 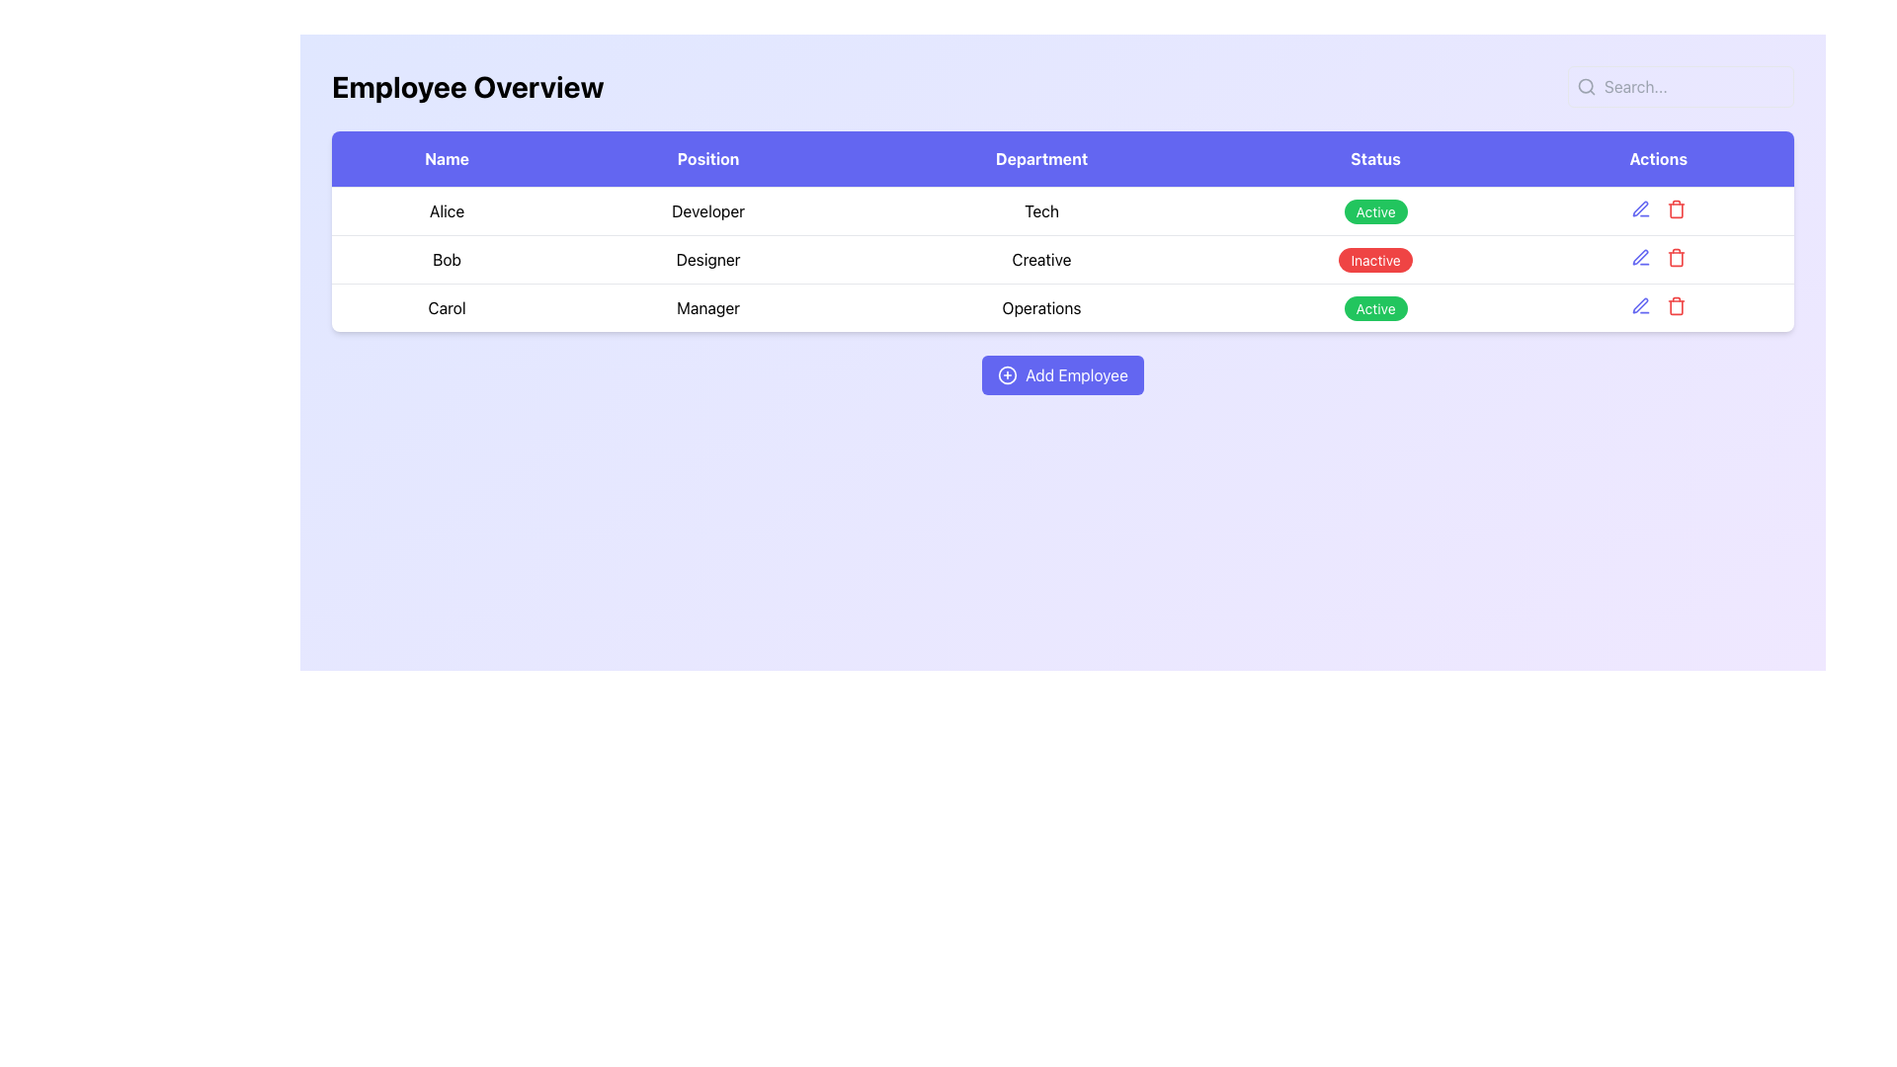 What do you see at coordinates (1374, 308) in the screenshot?
I see `the Status Badge, a green pill-shaped button with the text 'Active', located in the third row of the 'Status' column` at bounding box center [1374, 308].